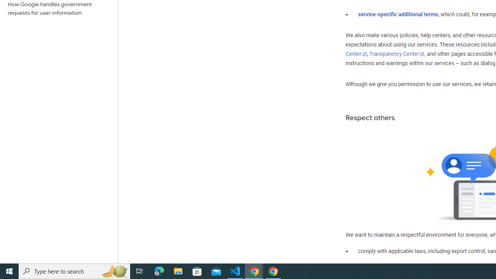  Describe the element at coordinates (397, 54) in the screenshot. I see `'Transparency Center'` at that location.